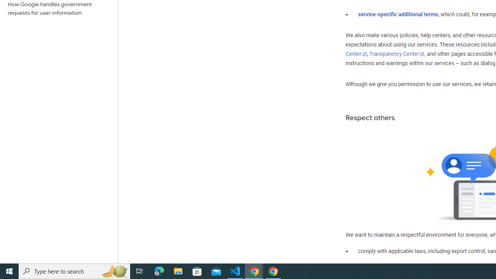  Describe the element at coordinates (397, 54) in the screenshot. I see `'Transparency Center'` at that location.